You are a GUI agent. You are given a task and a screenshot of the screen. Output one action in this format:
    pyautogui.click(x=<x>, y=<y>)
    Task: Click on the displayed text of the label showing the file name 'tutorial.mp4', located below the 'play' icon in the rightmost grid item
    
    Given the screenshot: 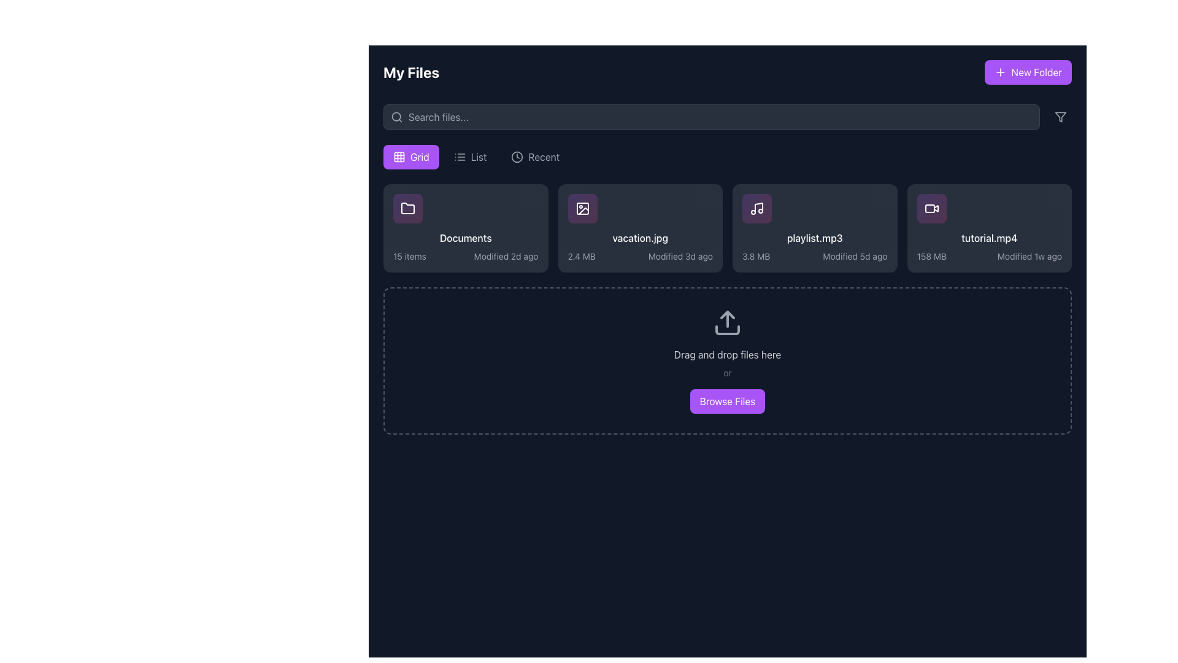 What is the action you would take?
    pyautogui.click(x=989, y=238)
    